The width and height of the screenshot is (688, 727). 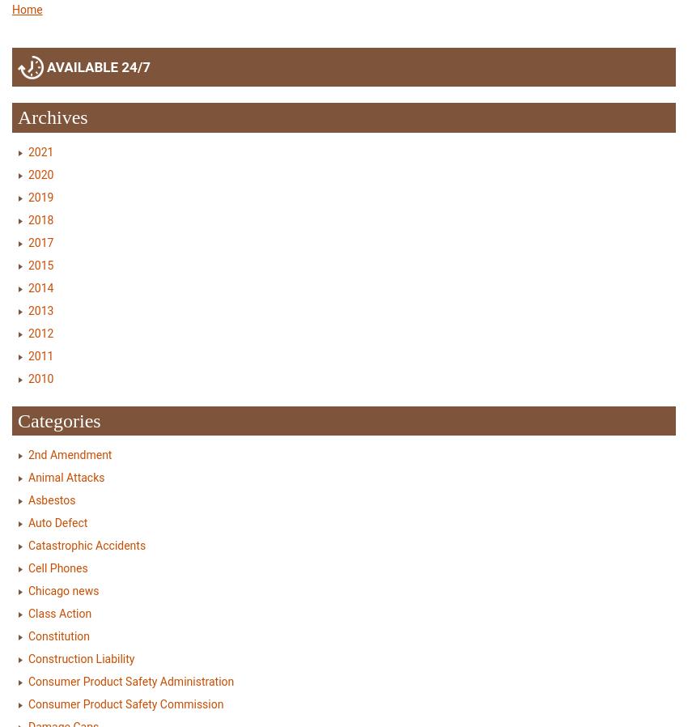 What do you see at coordinates (40, 219) in the screenshot?
I see `'2018'` at bounding box center [40, 219].